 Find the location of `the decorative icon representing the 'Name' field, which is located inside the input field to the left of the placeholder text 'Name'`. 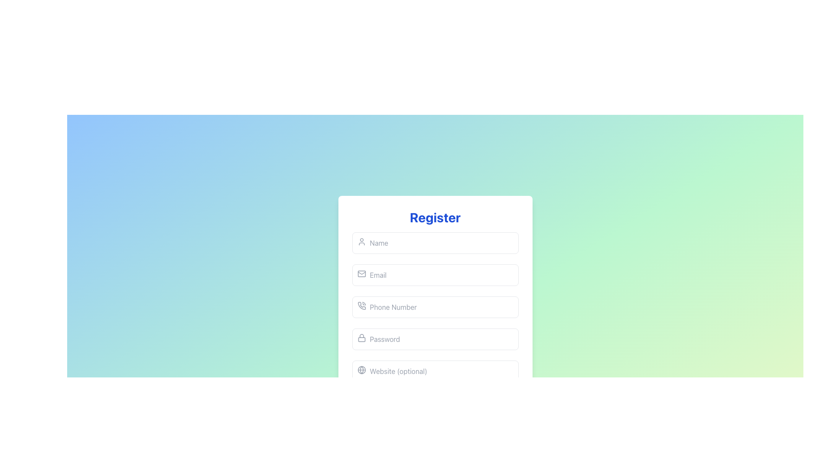

the decorative icon representing the 'Name' field, which is located inside the input field to the left of the placeholder text 'Name' is located at coordinates (361, 242).